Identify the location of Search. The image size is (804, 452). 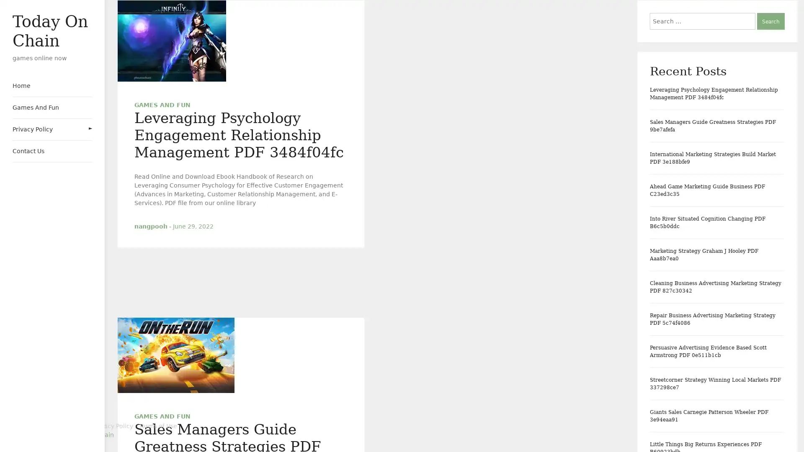
(770, 21).